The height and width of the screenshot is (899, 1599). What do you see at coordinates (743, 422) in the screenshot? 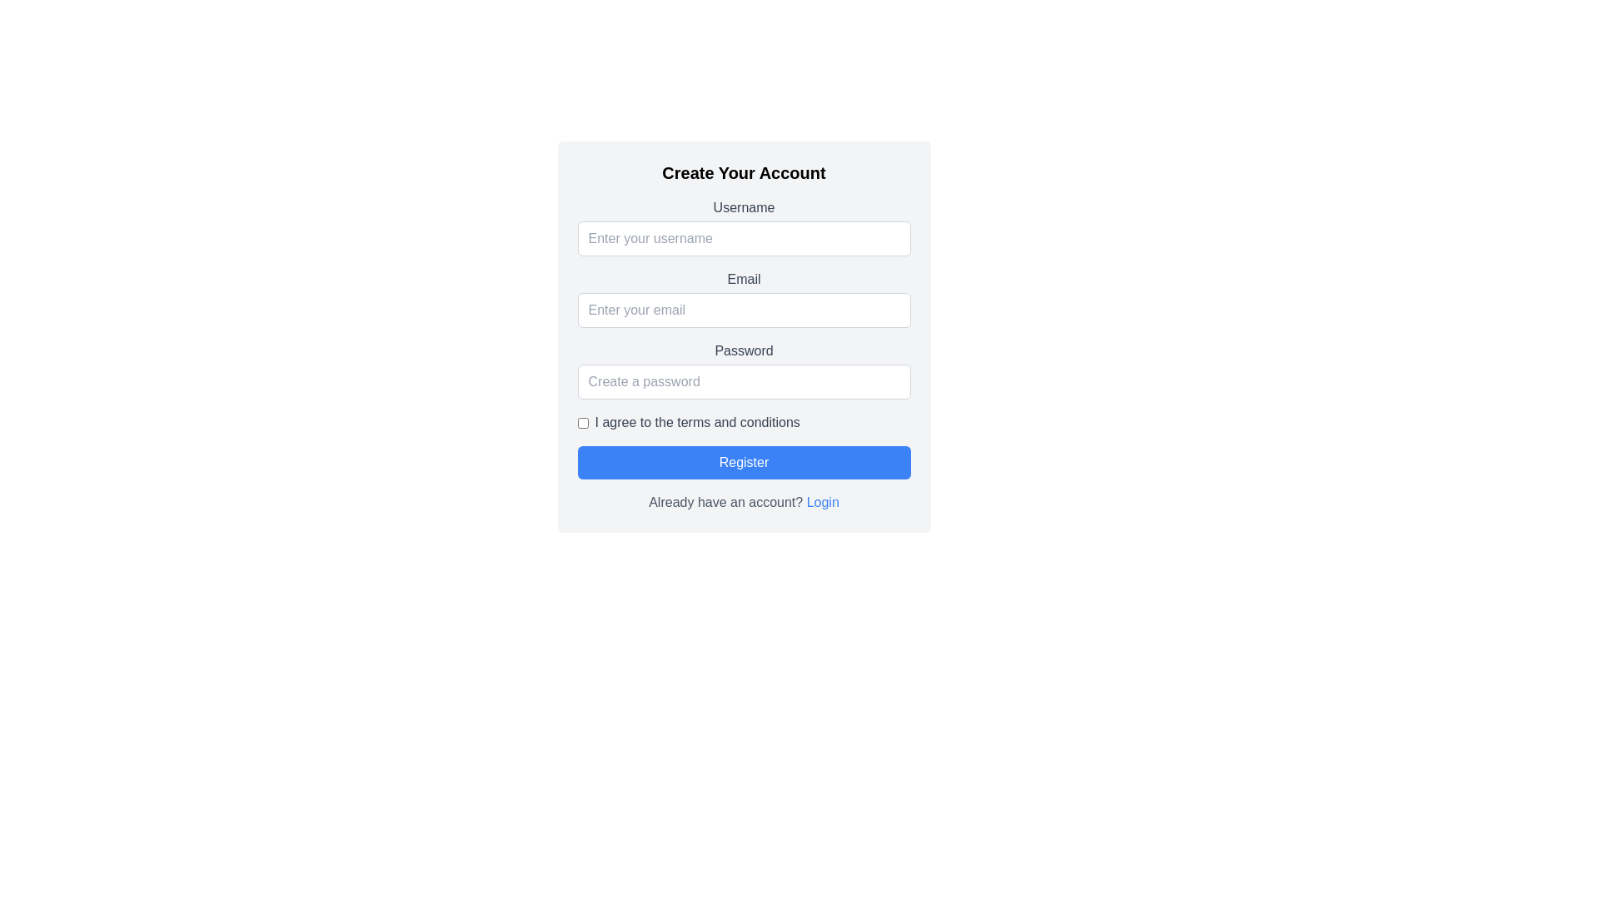
I see `the label of the checkbox to agree to the terms and conditions, which is the fourth interactive component in the form layout, positioned below the password input field and above the 'Register' button` at bounding box center [743, 422].